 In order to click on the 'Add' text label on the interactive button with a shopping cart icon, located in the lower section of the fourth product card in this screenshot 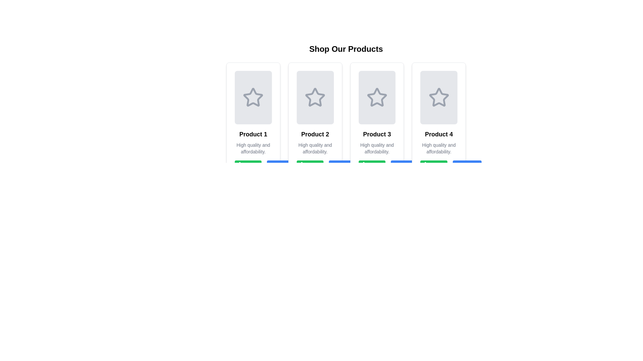, I will do `click(438, 165)`.